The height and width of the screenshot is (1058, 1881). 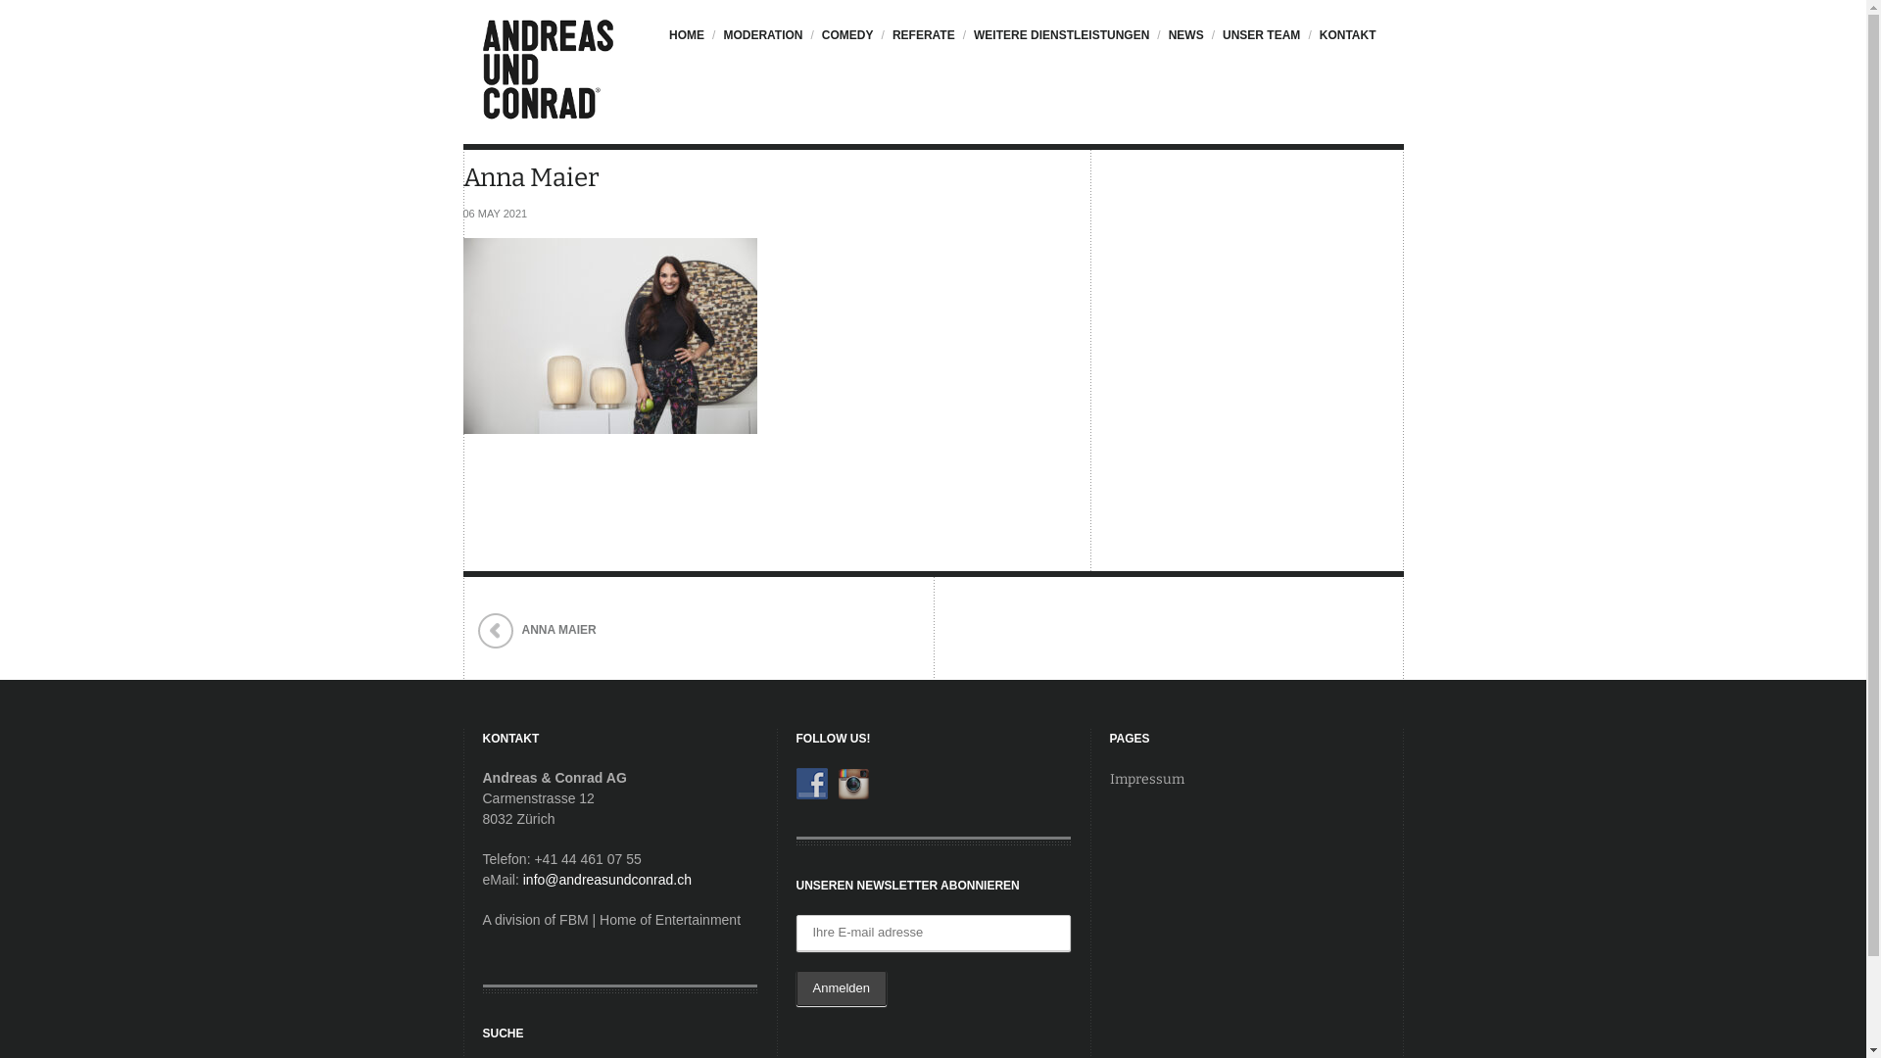 What do you see at coordinates (811, 782) in the screenshot?
I see `'Follow Us on Facebook'` at bounding box center [811, 782].